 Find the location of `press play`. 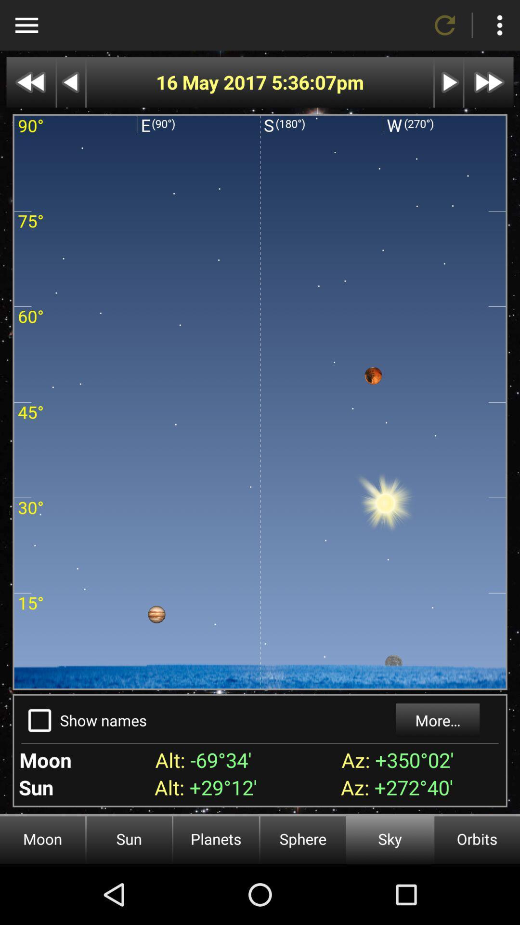

press play is located at coordinates (449, 82).